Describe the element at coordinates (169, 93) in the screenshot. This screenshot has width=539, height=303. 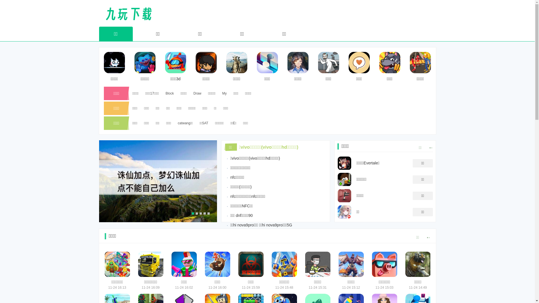
I see `'Block'` at that location.